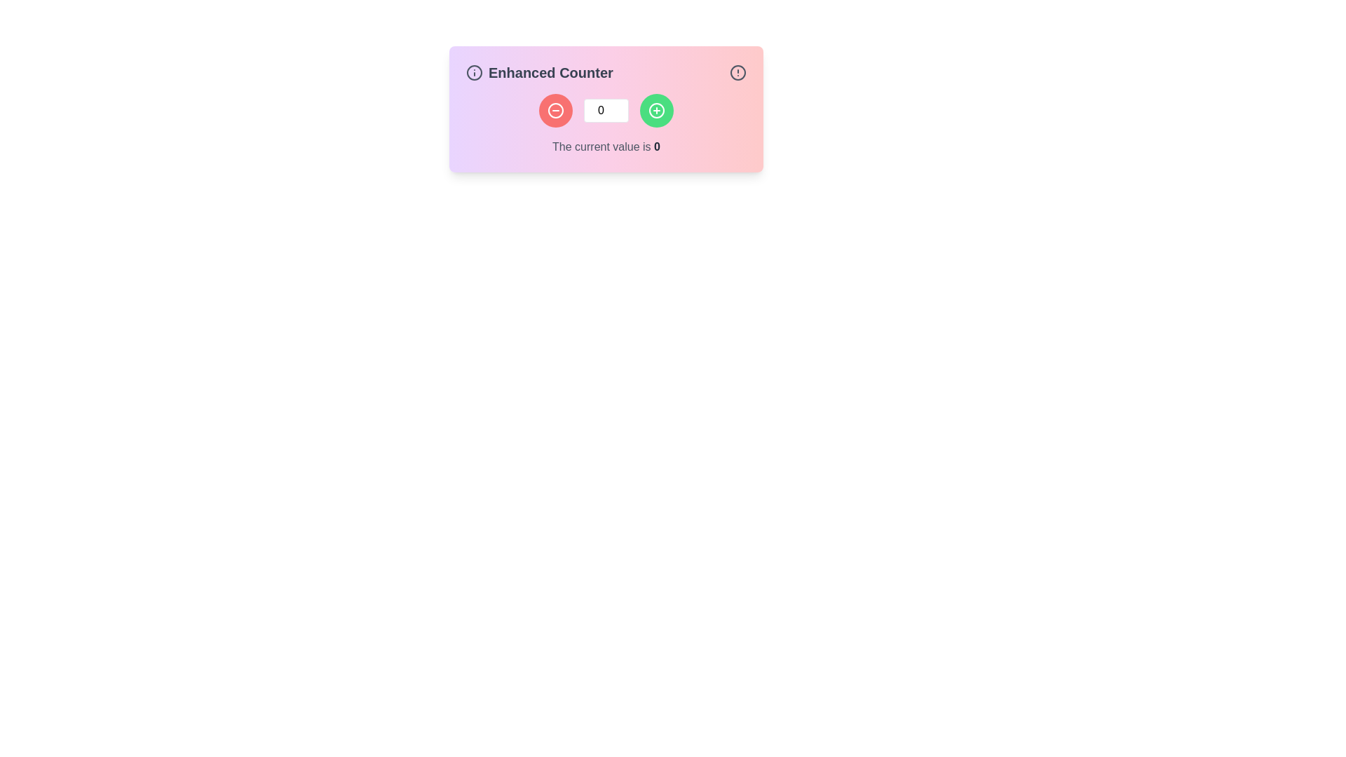  What do you see at coordinates (655, 110) in the screenshot?
I see `the graphical boundary of the green 'Add' button, which is represented by an SVG circle, located to the right of the counter input field` at bounding box center [655, 110].